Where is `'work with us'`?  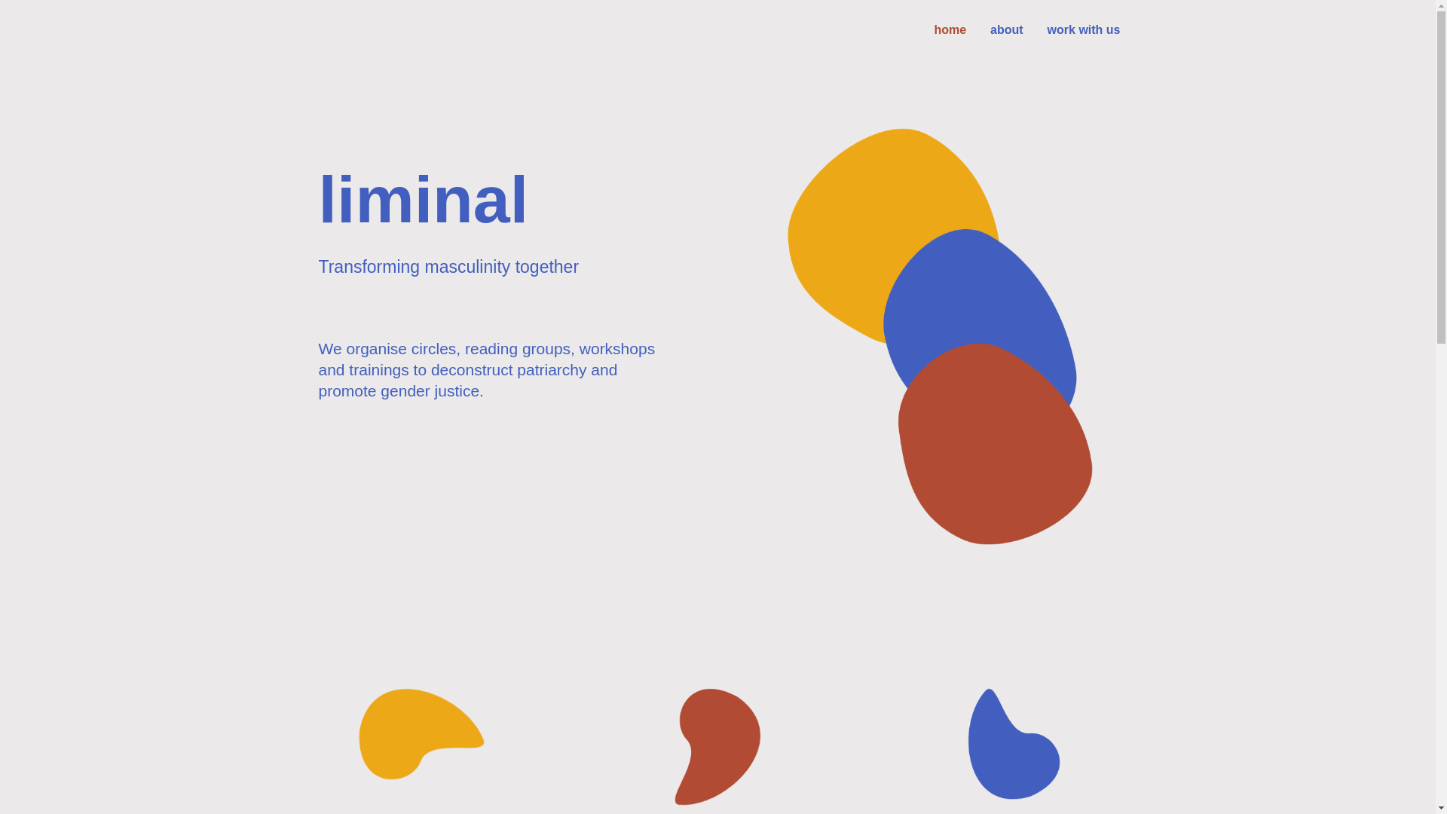 'work with us' is located at coordinates (1083, 29).